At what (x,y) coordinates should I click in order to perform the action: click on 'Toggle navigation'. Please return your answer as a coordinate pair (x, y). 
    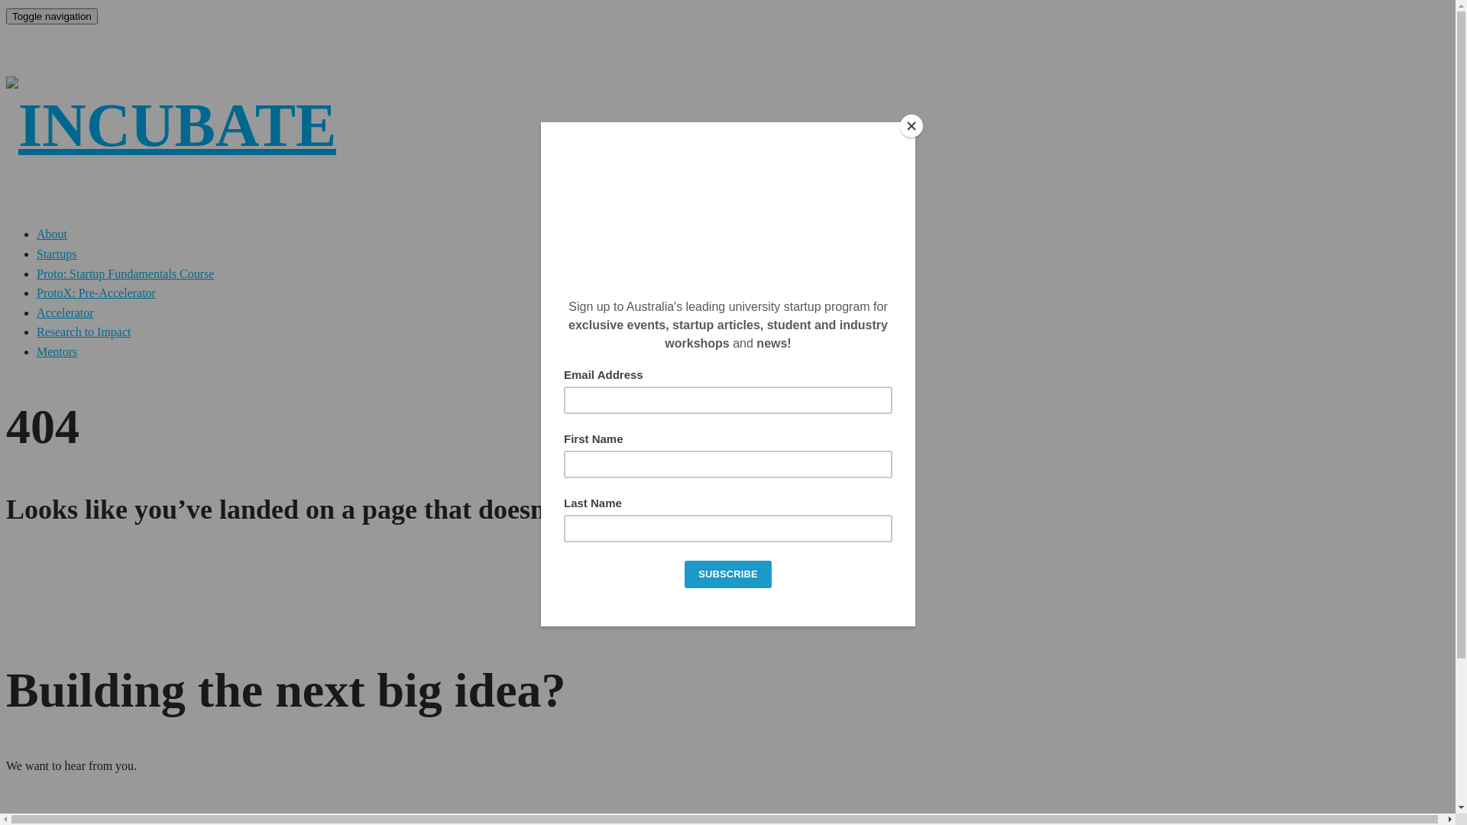
    Looking at the image, I should click on (6, 16).